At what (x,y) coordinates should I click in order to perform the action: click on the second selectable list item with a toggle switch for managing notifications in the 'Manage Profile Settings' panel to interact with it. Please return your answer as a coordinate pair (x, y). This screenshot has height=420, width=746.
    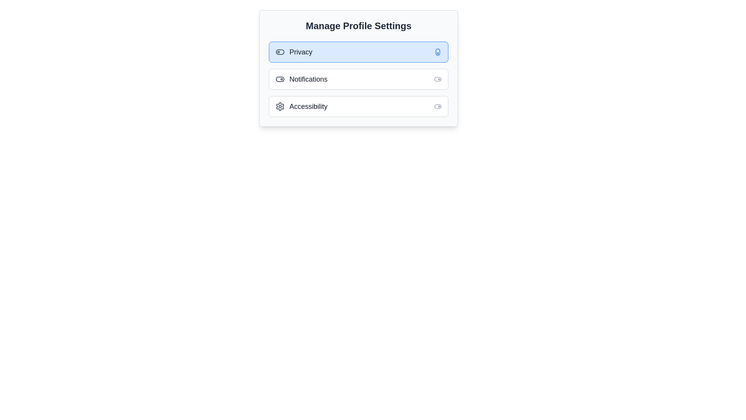
    Looking at the image, I should click on (358, 79).